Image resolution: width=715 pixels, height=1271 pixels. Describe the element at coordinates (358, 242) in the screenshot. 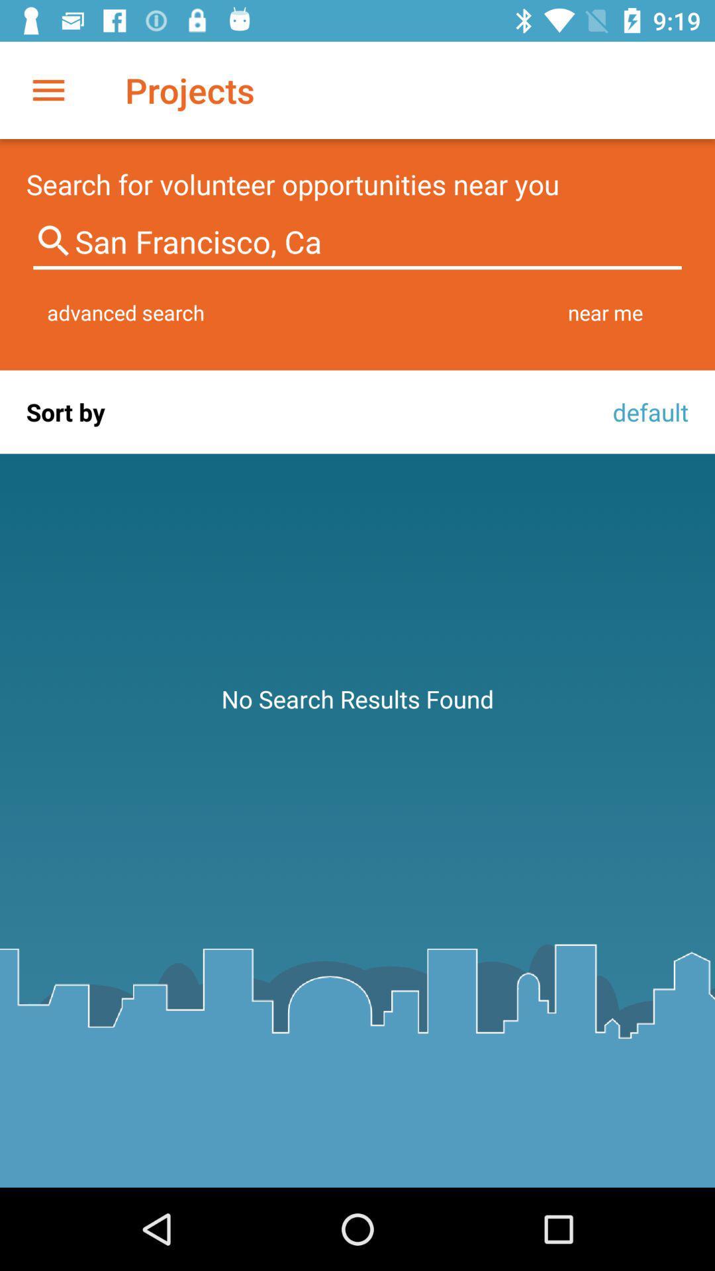

I see `the item above the advanced search` at that location.